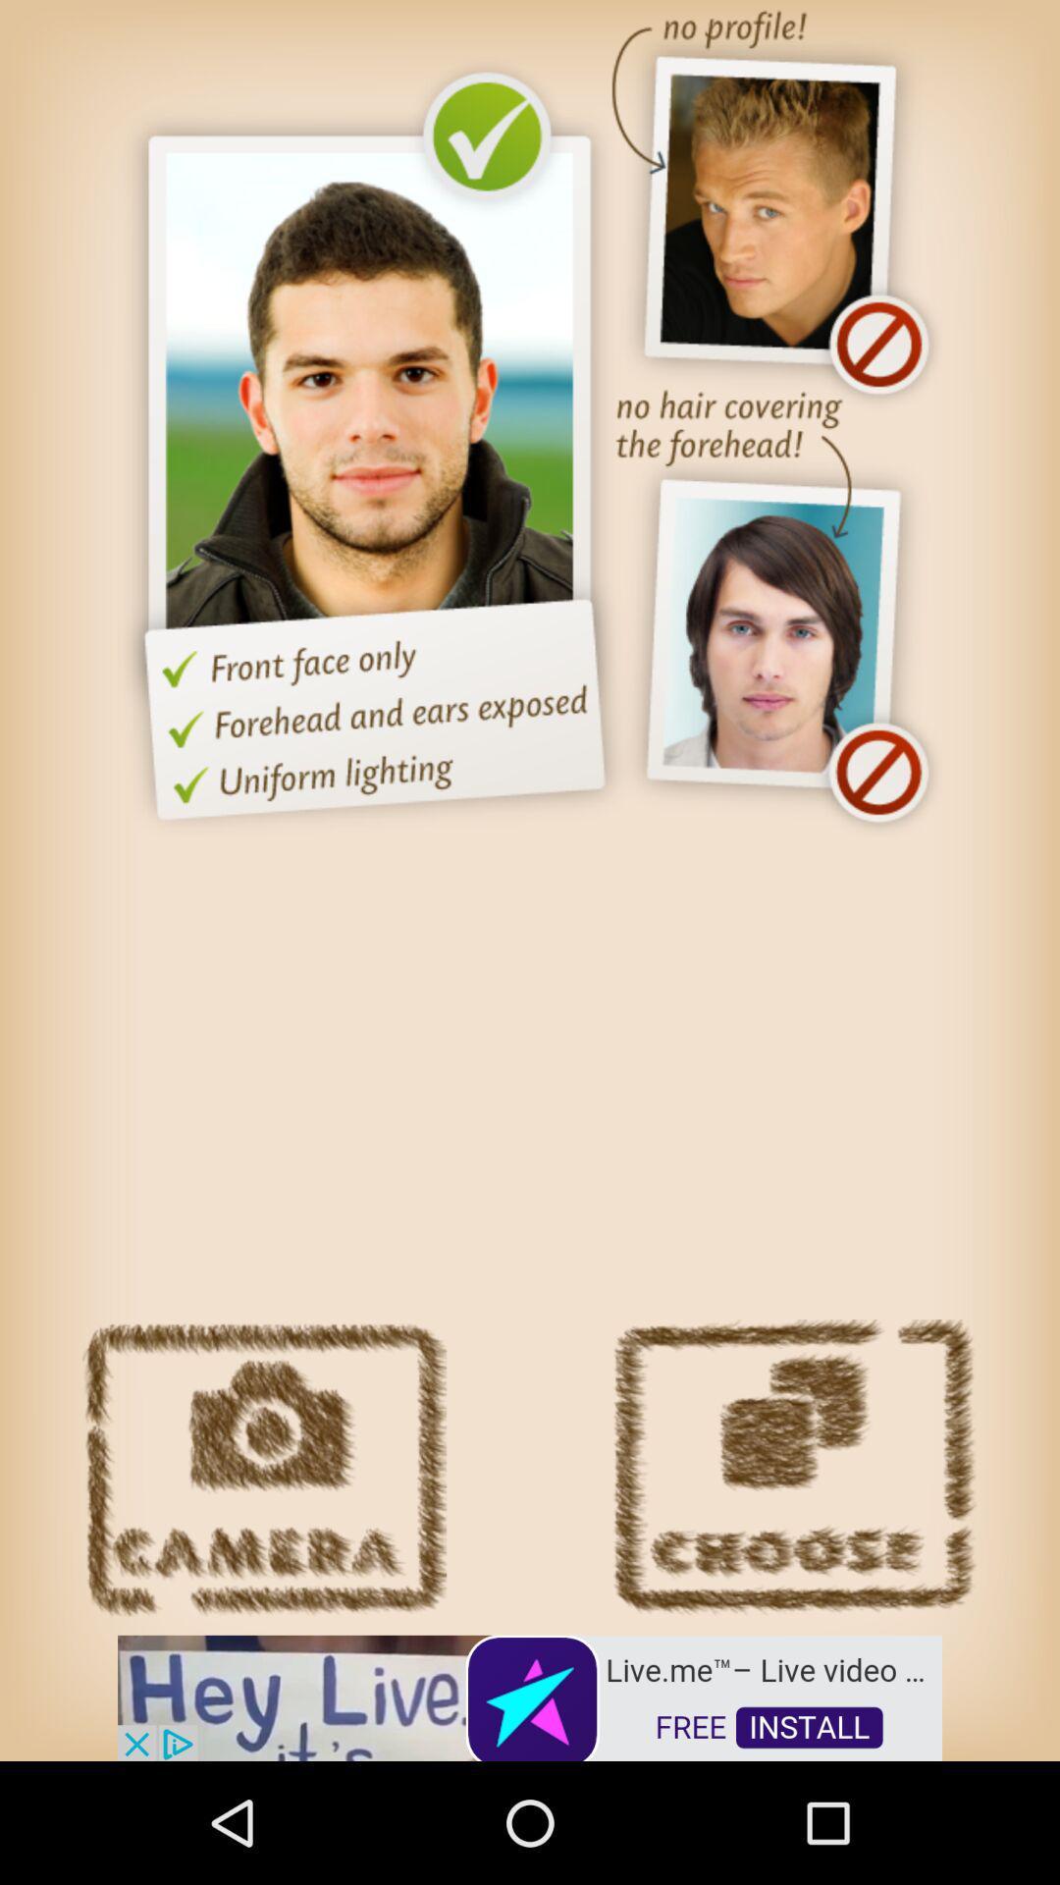 Image resolution: width=1060 pixels, height=1885 pixels. What do you see at coordinates (530, 1696) in the screenshot?
I see `advertisement` at bounding box center [530, 1696].